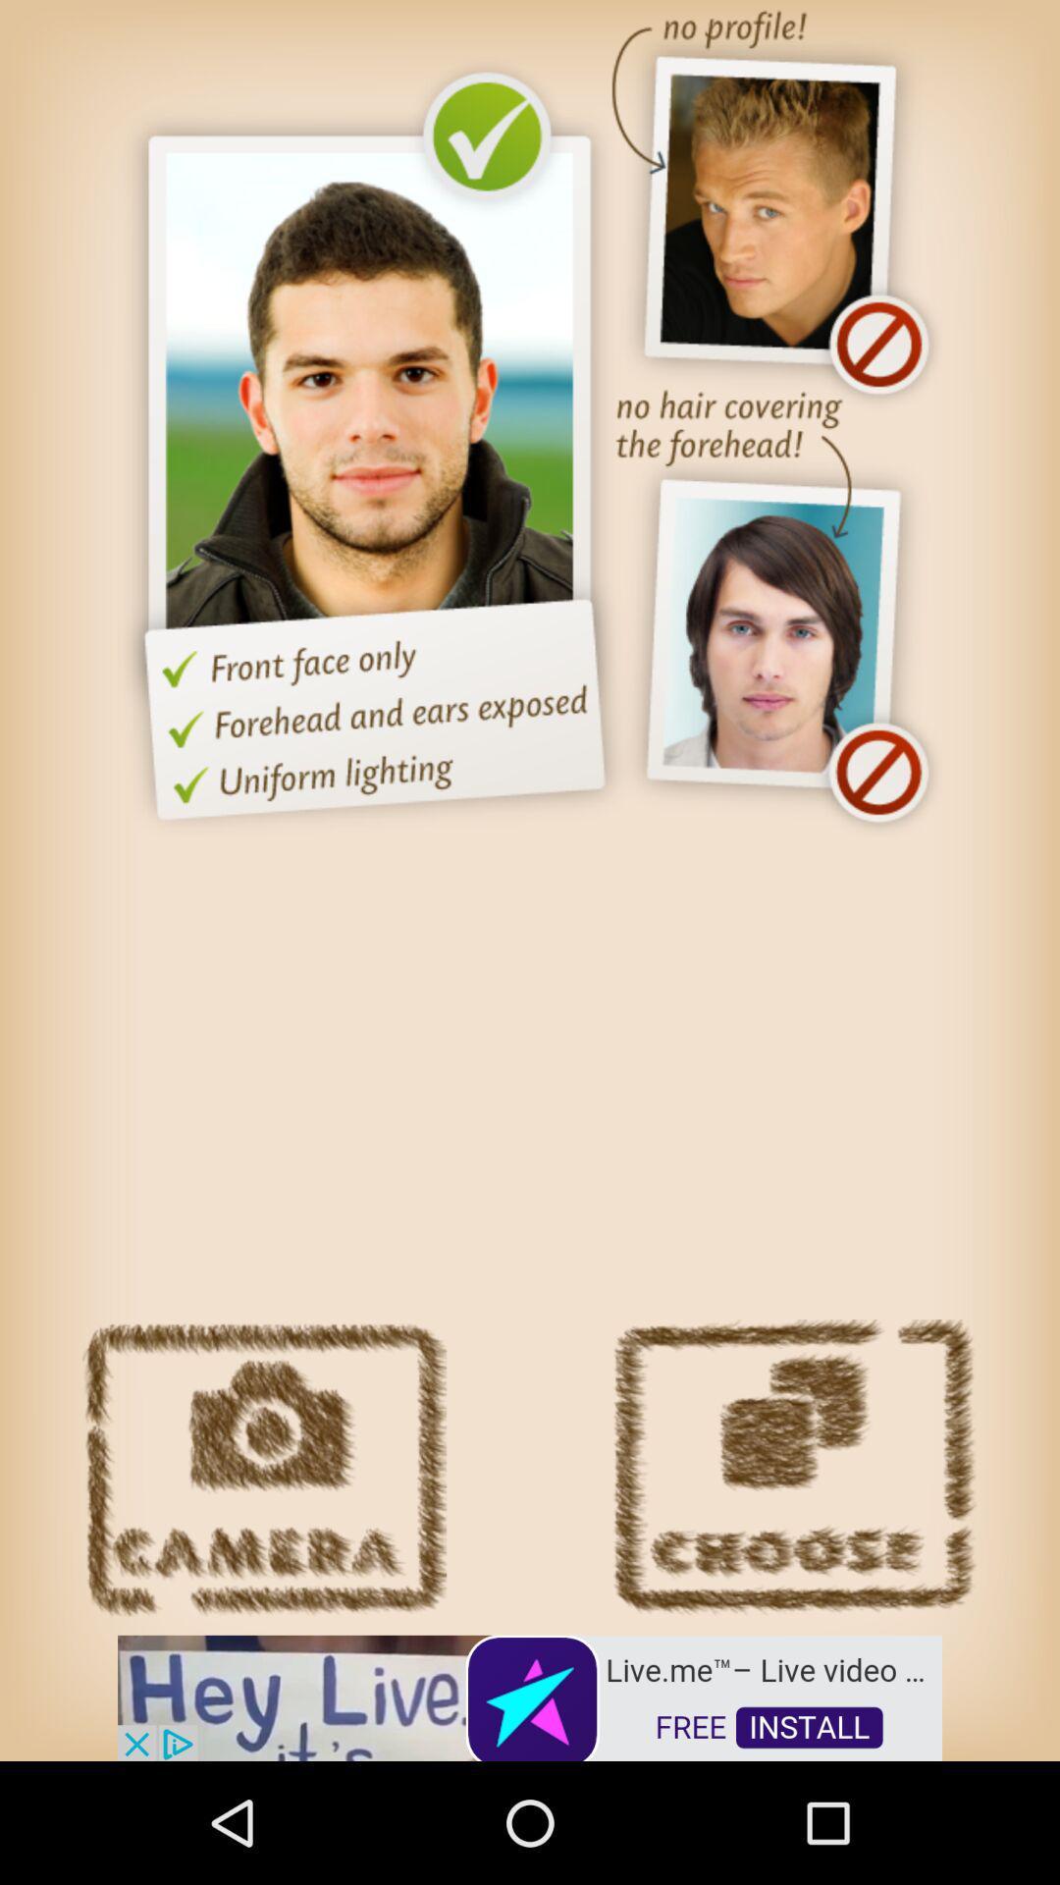 Image resolution: width=1060 pixels, height=1885 pixels. What do you see at coordinates (530, 1696) in the screenshot?
I see `advertisement` at bounding box center [530, 1696].